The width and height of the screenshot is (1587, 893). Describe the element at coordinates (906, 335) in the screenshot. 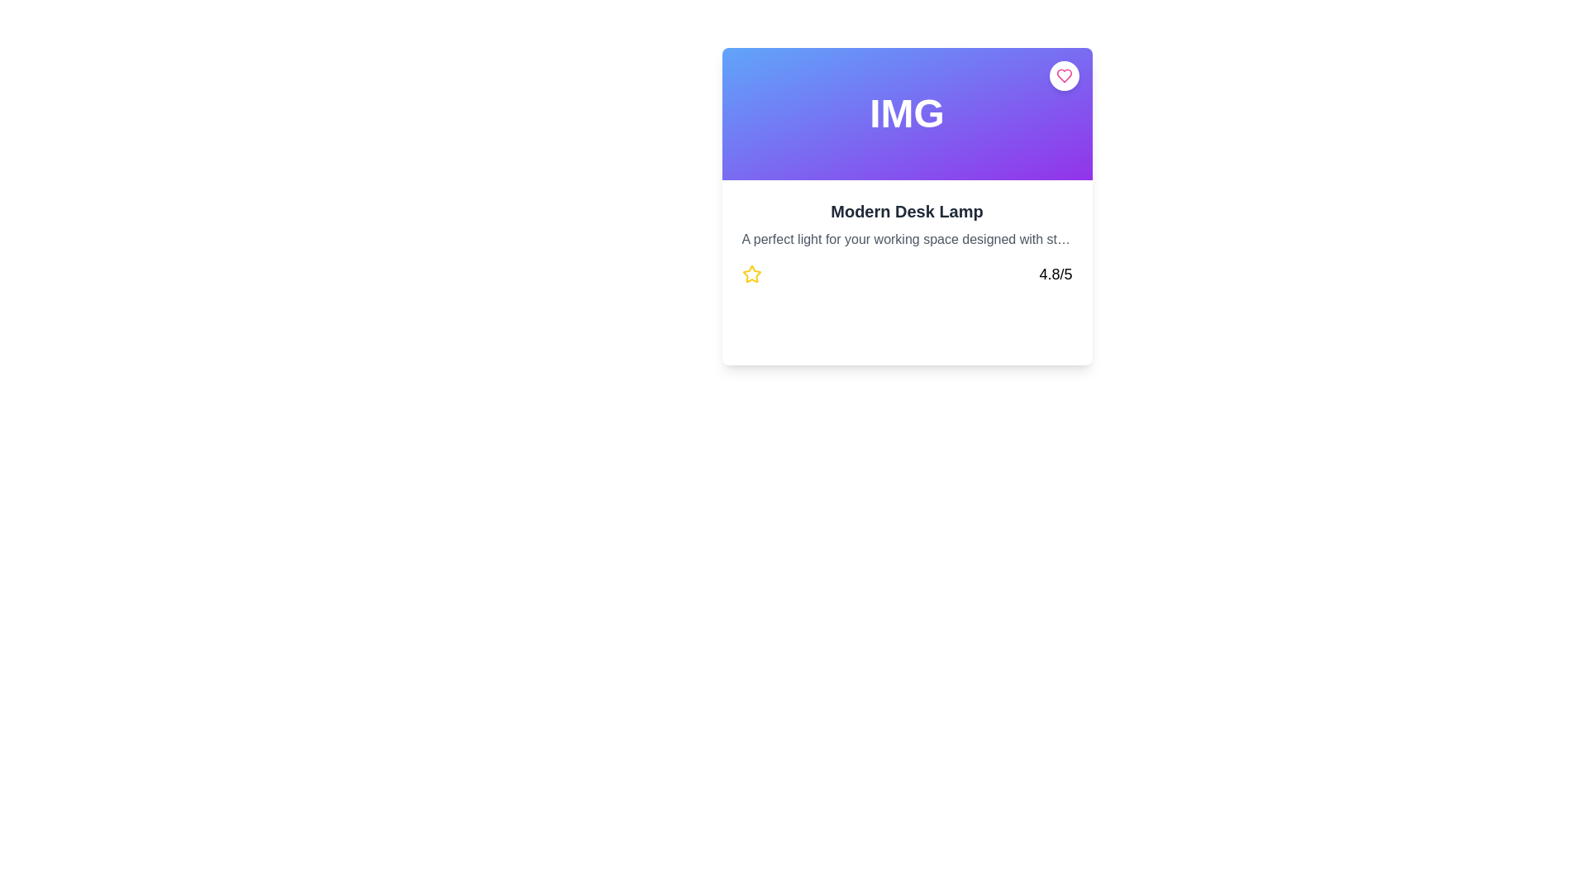

I see `the 'Shop Now' button located at the bottom of the product information card, directly beneath the '4.8/5' rating` at that location.